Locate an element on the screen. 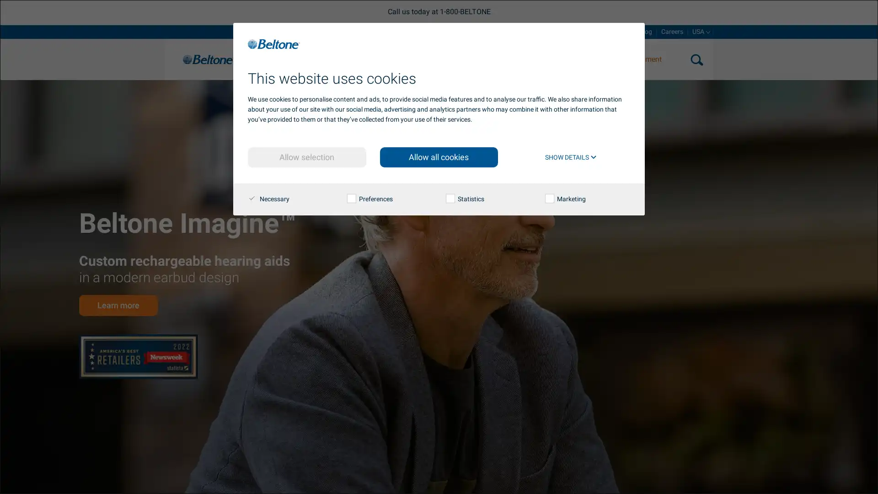 This screenshot has height=494, width=878. Allow selection is located at coordinates (307, 156).